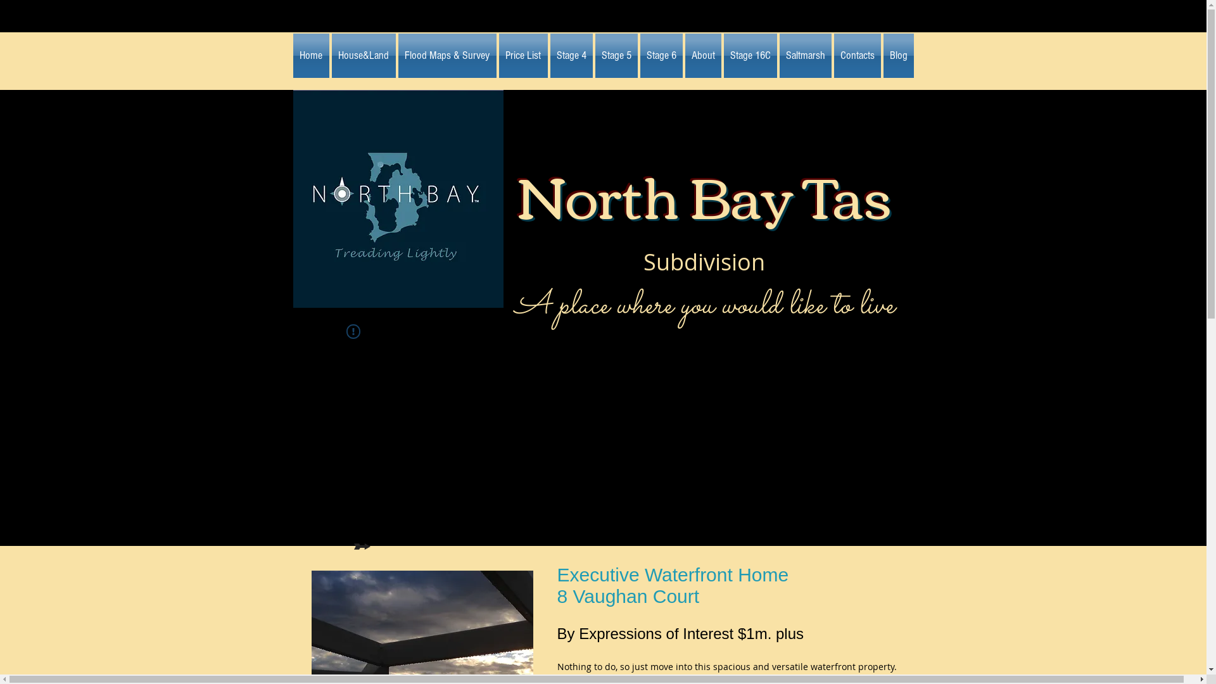 This screenshot has width=1216, height=684. I want to click on 'Stage 4', so click(548, 55).